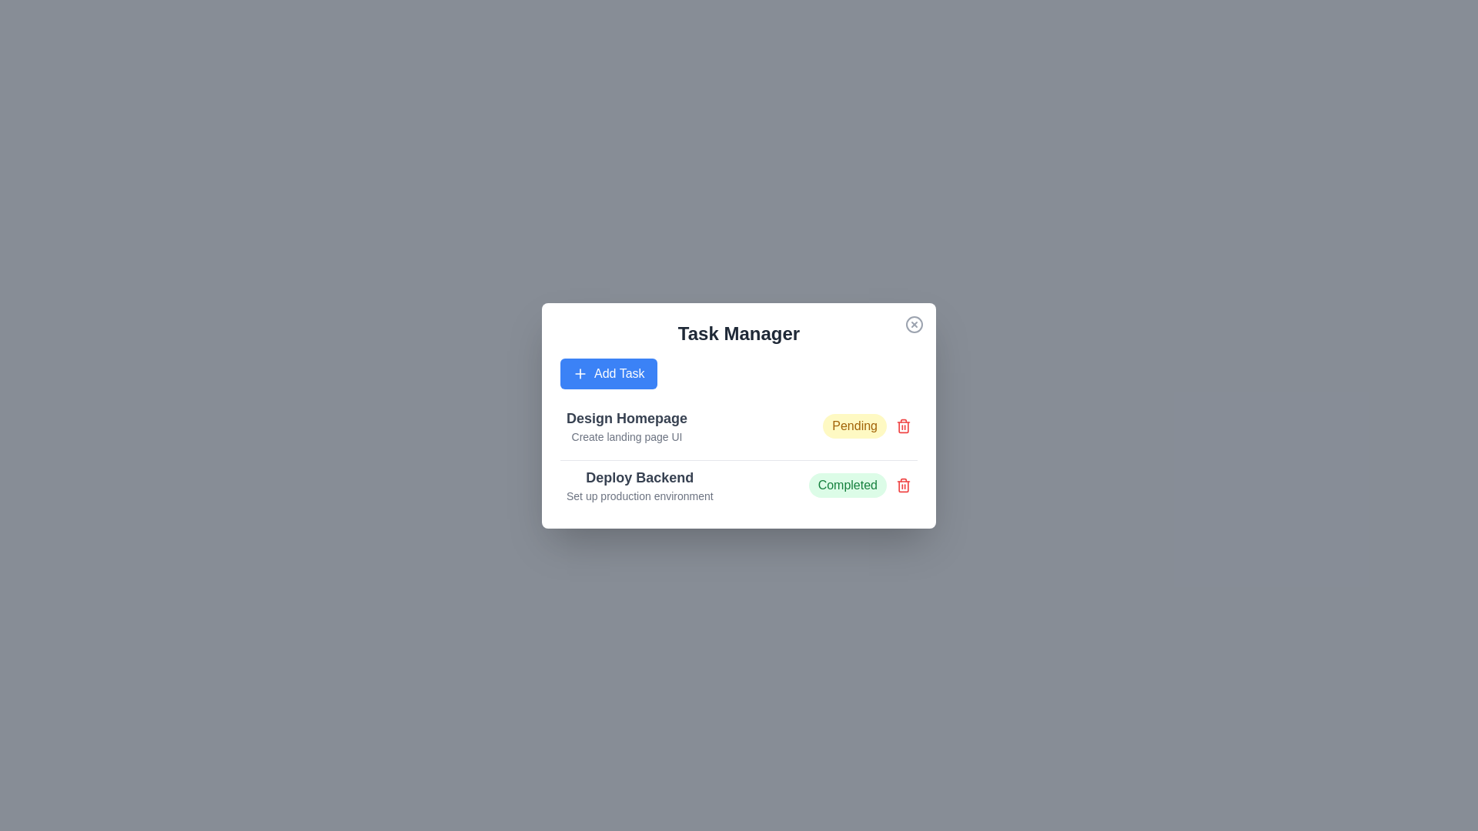 Image resolution: width=1478 pixels, height=831 pixels. What do you see at coordinates (579, 373) in the screenshot?
I see `the circular icon with a plus sign in the center, which is styled with a blue background and white border, located within the blue button labeled 'Add Task' at the top-left corner of the task list interface` at bounding box center [579, 373].